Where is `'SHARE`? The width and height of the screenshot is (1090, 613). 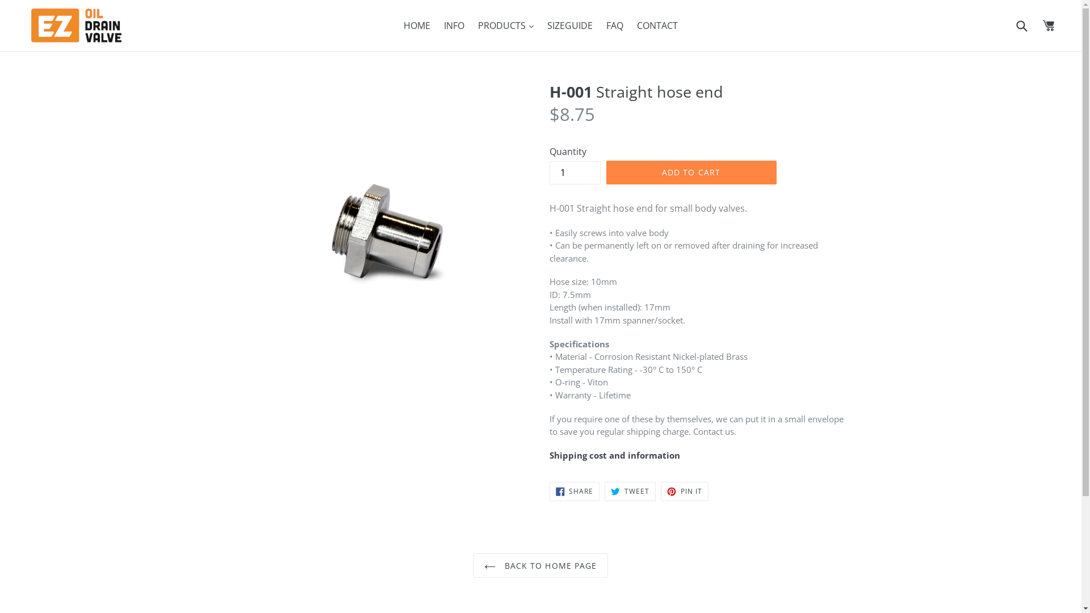 'SHARE is located at coordinates (575, 491).